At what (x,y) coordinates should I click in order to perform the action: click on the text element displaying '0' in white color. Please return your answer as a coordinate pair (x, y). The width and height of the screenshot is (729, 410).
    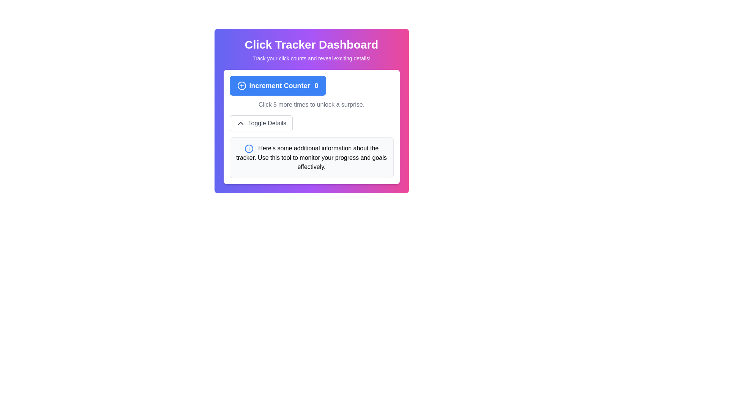
    Looking at the image, I should click on (316, 85).